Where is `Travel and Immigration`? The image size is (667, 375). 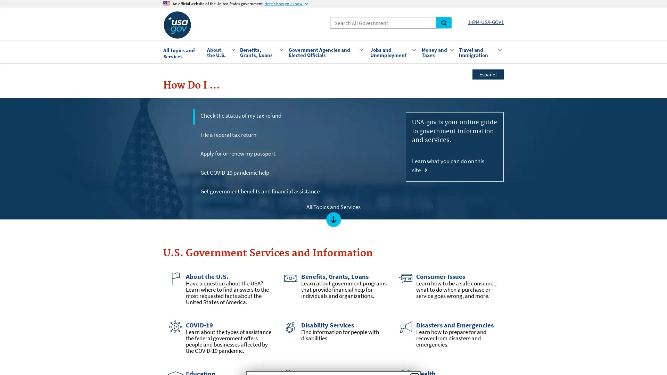 Travel and Immigration is located at coordinates (479, 52).